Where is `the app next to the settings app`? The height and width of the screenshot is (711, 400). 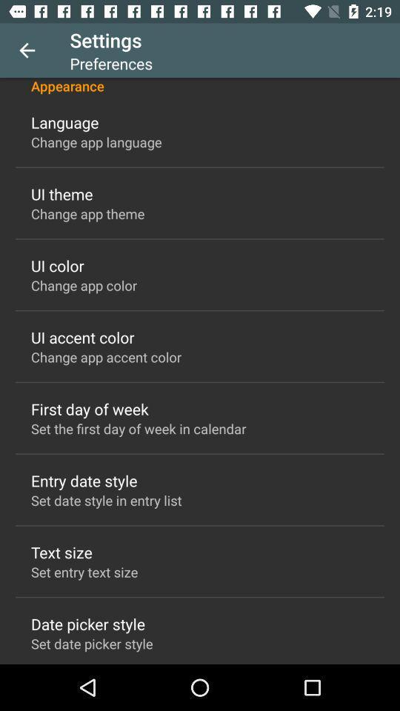
the app next to the settings app is located at coordinates (27, 50).